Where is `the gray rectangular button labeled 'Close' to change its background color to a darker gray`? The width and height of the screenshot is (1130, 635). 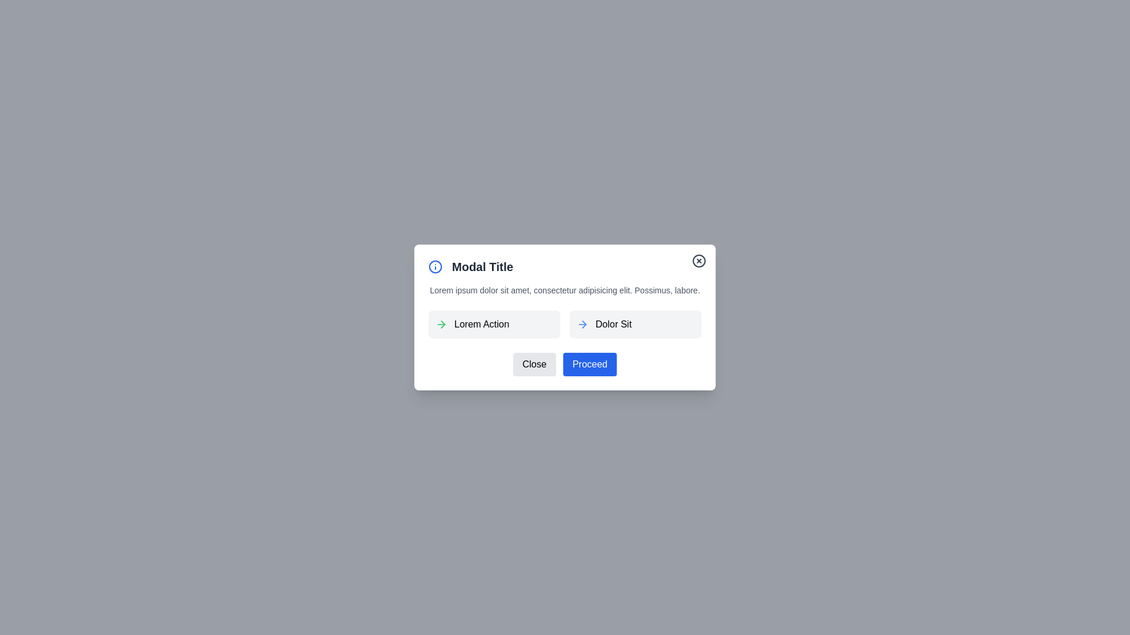
the gray rectangular button labeled 'Close' to change its background color to a darker gray is located at coordinates (534, 364).